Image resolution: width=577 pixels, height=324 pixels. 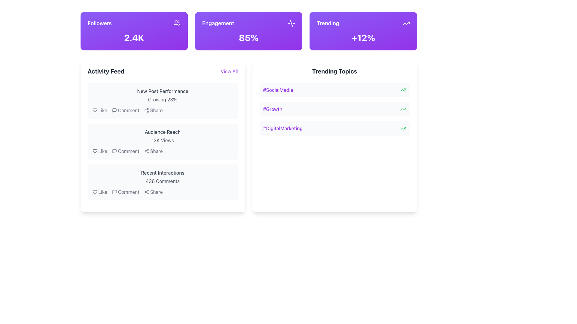 I want to click on the upward trend icon, which is a small jagged line styled in green, located within the purple card labeled 'Trending', so click(x=403, y=109).